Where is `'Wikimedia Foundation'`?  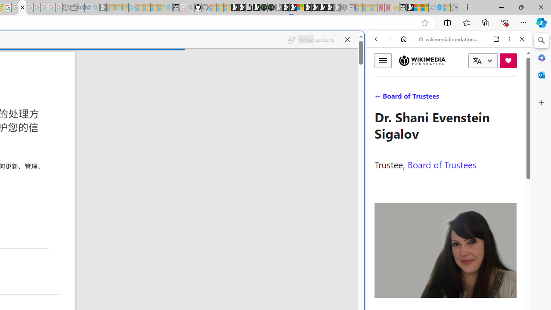 'Wikimedia Foundation' is located at coordinates (422, 60).